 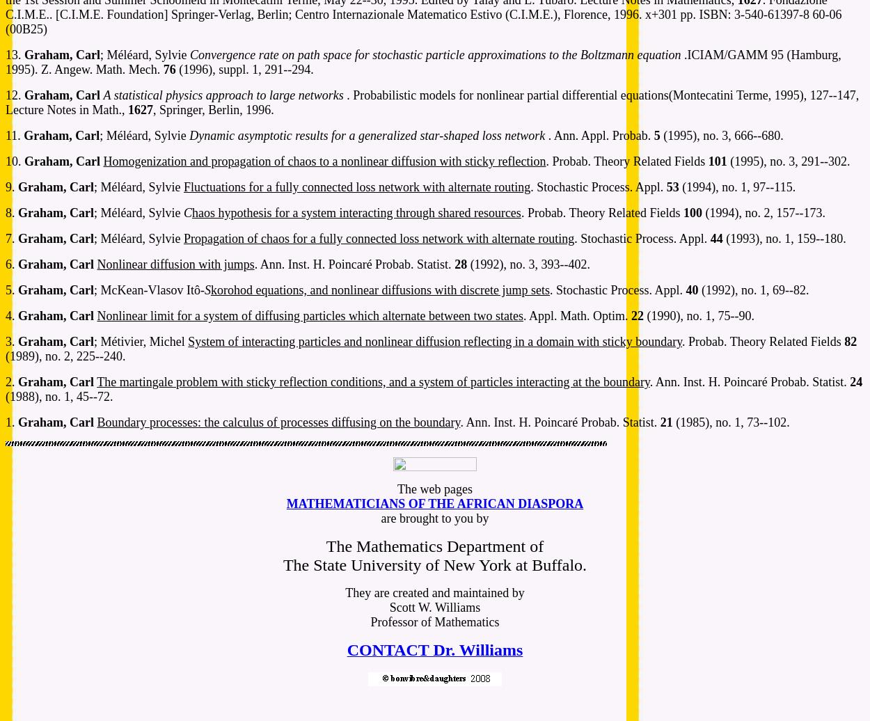 I want to click on '(1990), no. 1, 75--90.', so click(x=644, y=315).